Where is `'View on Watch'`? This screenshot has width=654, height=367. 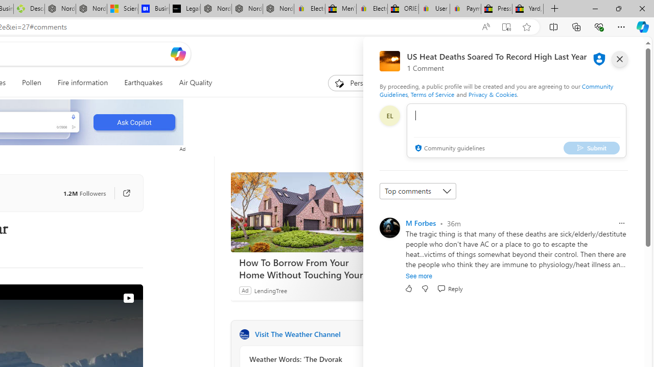
'View on Watch' is located at coordinates (128, 298).